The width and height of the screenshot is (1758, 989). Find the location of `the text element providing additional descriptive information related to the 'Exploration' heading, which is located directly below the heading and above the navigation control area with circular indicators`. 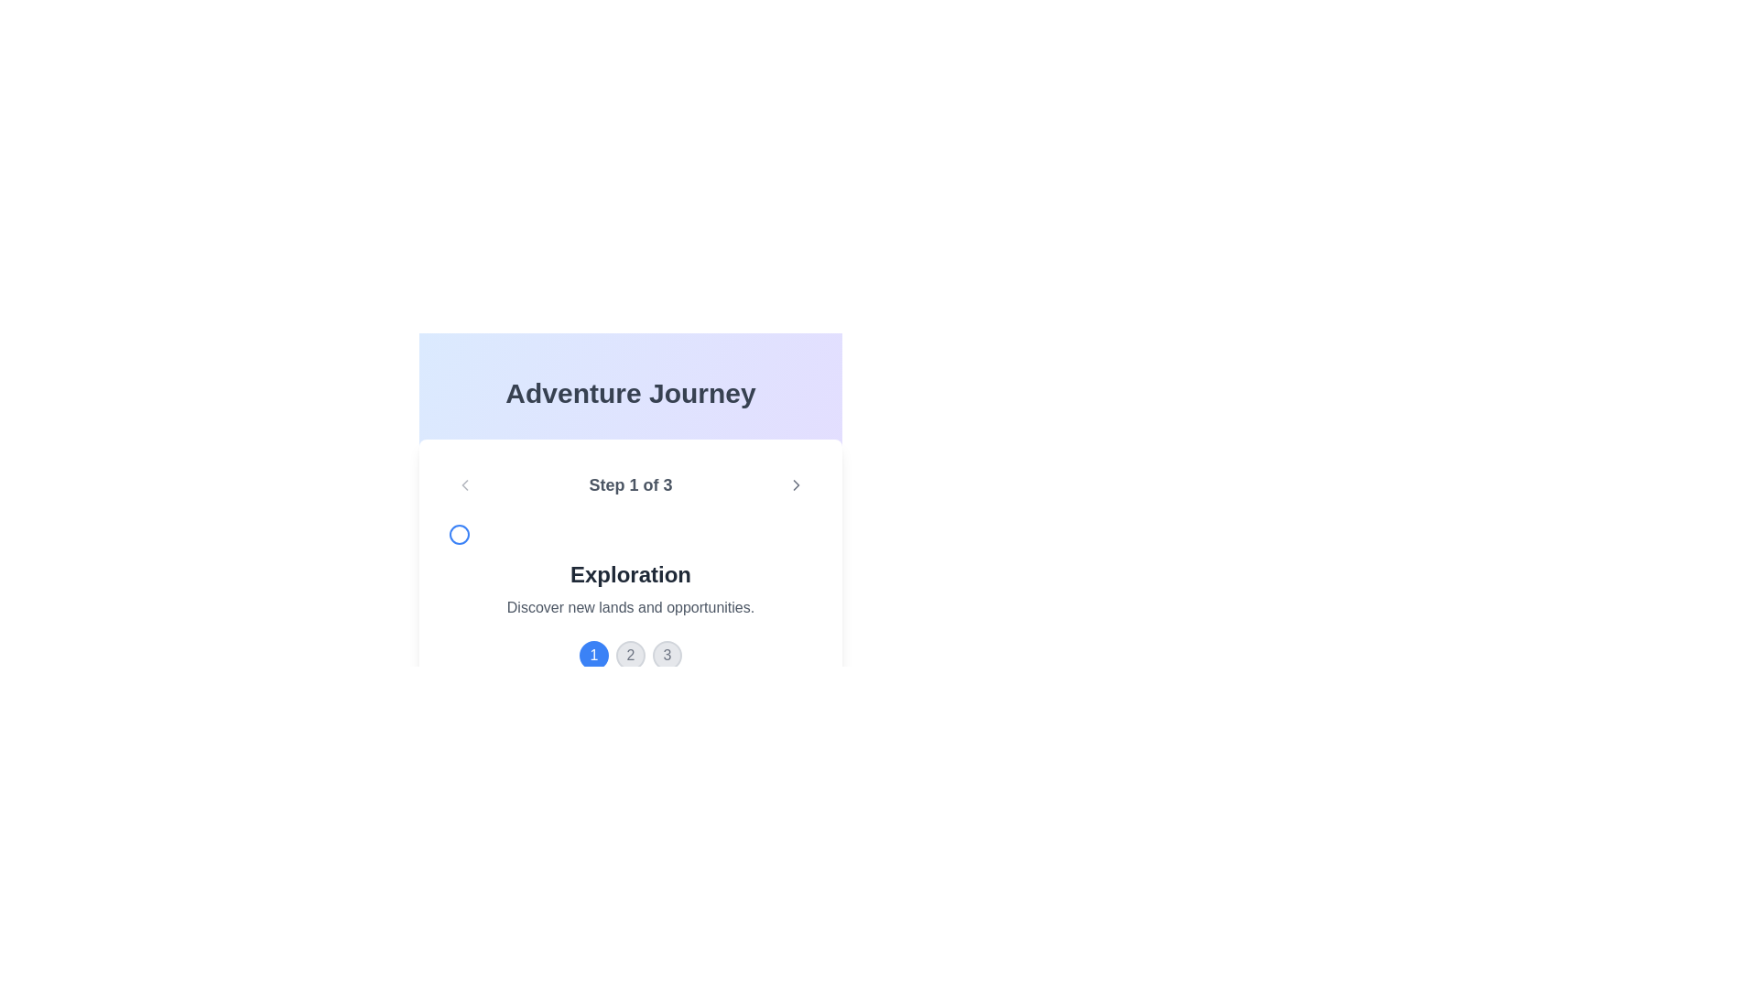

the text element providing additional descriptive information related to the 'Exploration' heading, which is located directly below the heading and above the navigation control area with circular indicators is located at coordinates (631, 607).